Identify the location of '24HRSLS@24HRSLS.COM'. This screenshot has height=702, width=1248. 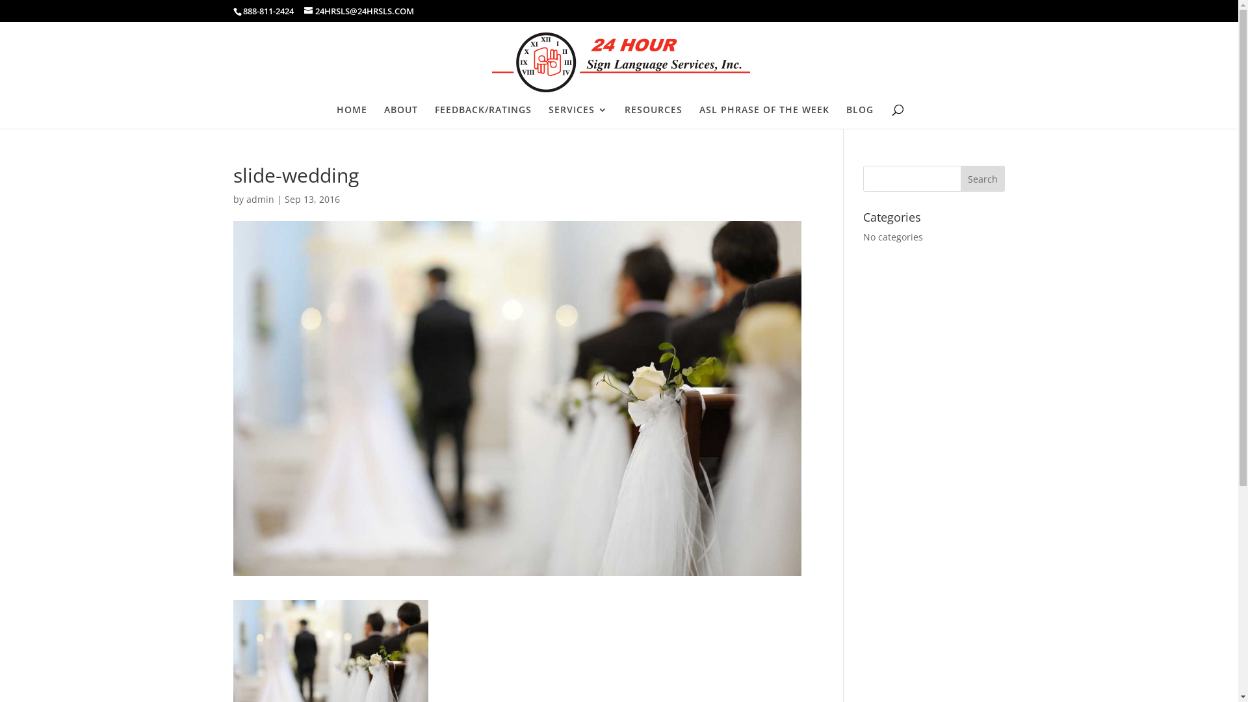
(359, 10).